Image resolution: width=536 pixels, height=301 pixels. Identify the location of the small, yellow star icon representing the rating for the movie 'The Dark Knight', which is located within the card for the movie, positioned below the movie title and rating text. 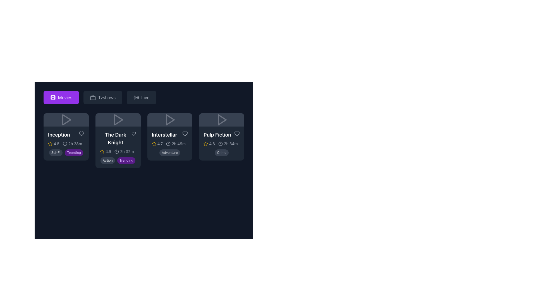
(102, 151).